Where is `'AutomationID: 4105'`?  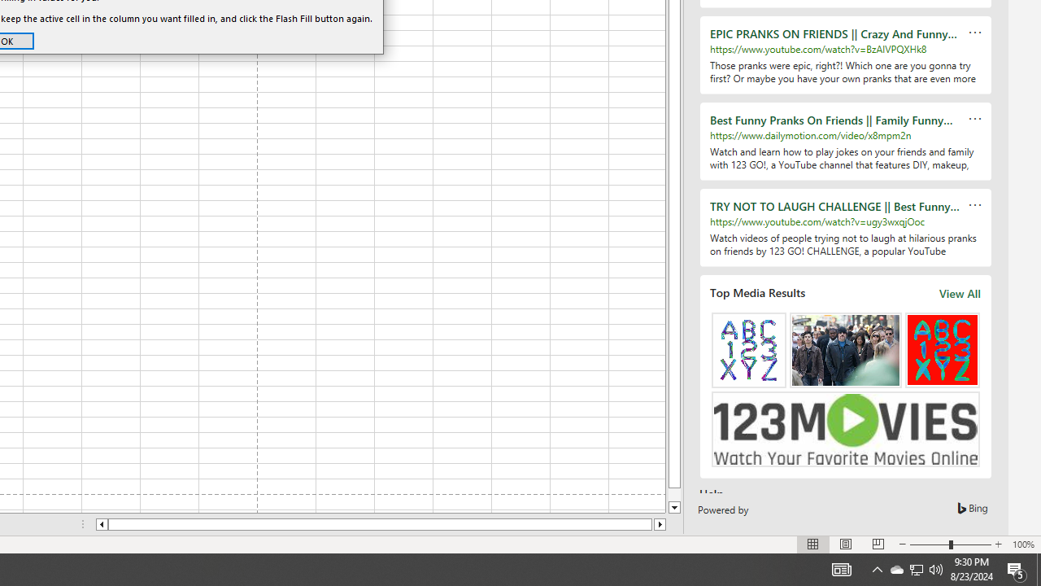
'AutomationID: 4105' is located at coordinates (841, 568).